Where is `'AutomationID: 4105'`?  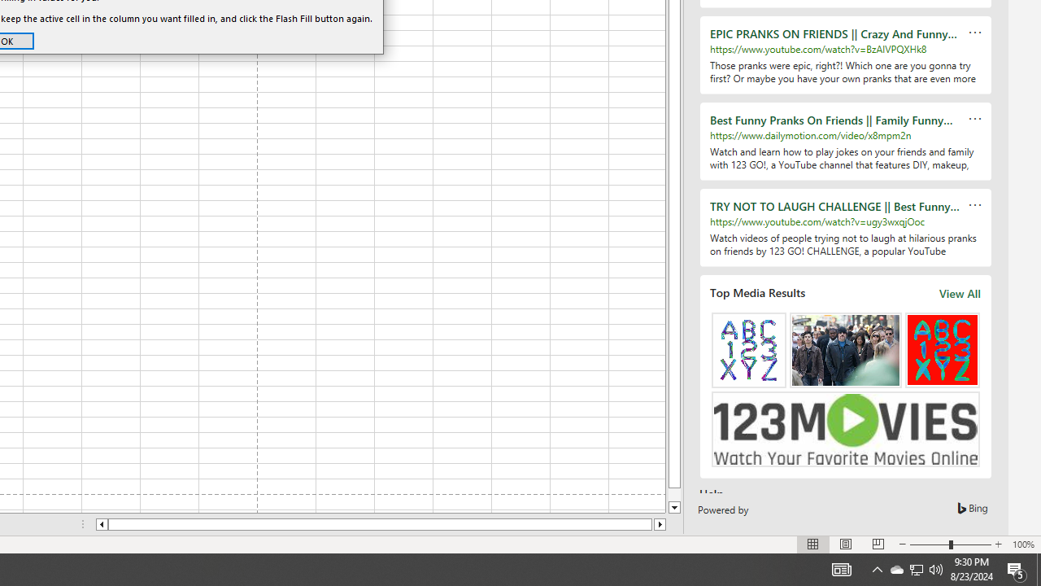
'AutomationID: 4105' is located at coordinates (841, 568).